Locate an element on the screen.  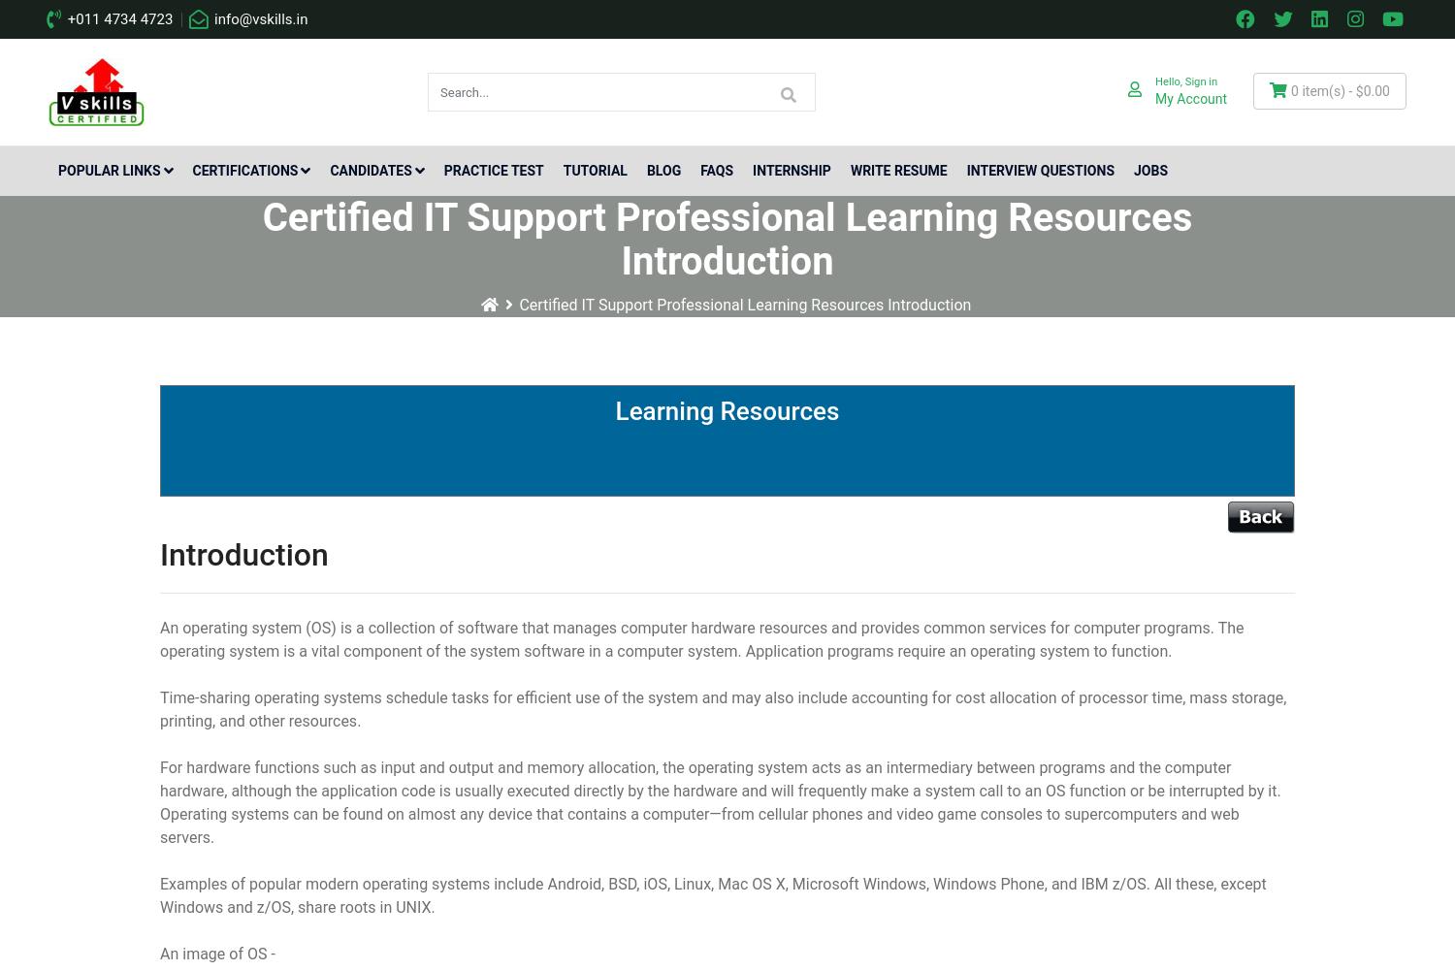
'Databases' is located at coordinates (59, 410).